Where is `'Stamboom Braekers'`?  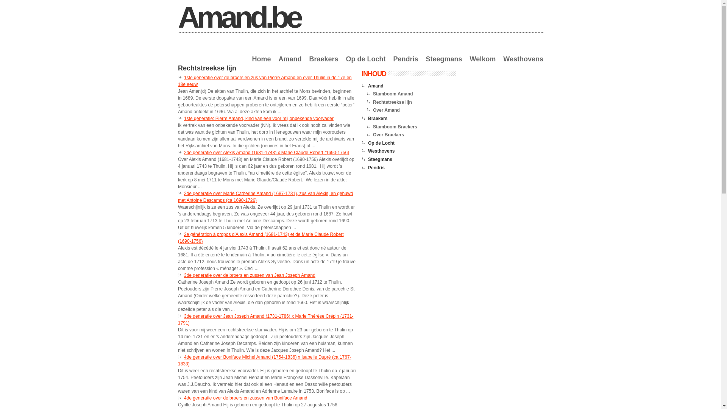 'Stamboom Braekers' is located at coordinates (373, 126).